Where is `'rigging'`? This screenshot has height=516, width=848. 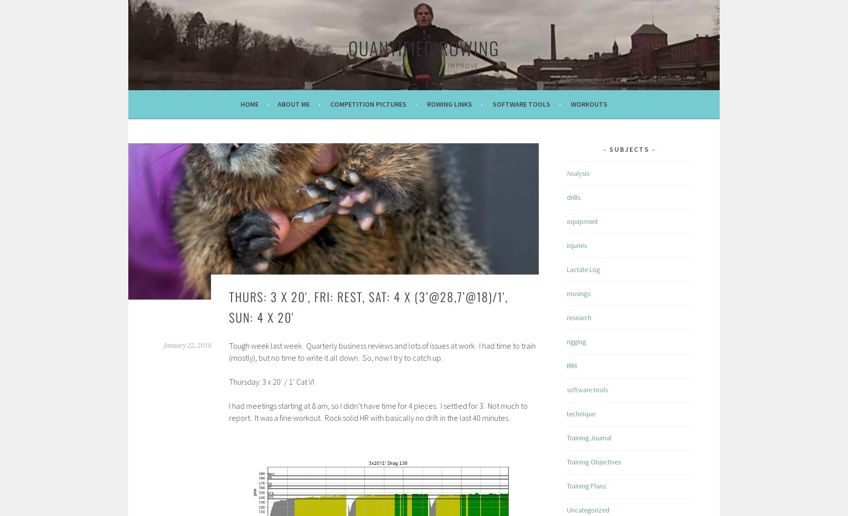
'rigging' is located at coordinates (576, 341).